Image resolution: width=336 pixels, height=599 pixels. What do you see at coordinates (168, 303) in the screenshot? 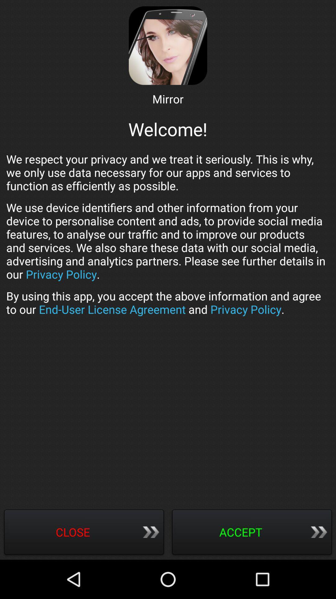
I see `the app below we use device icon` at bounding box center [168, 303].